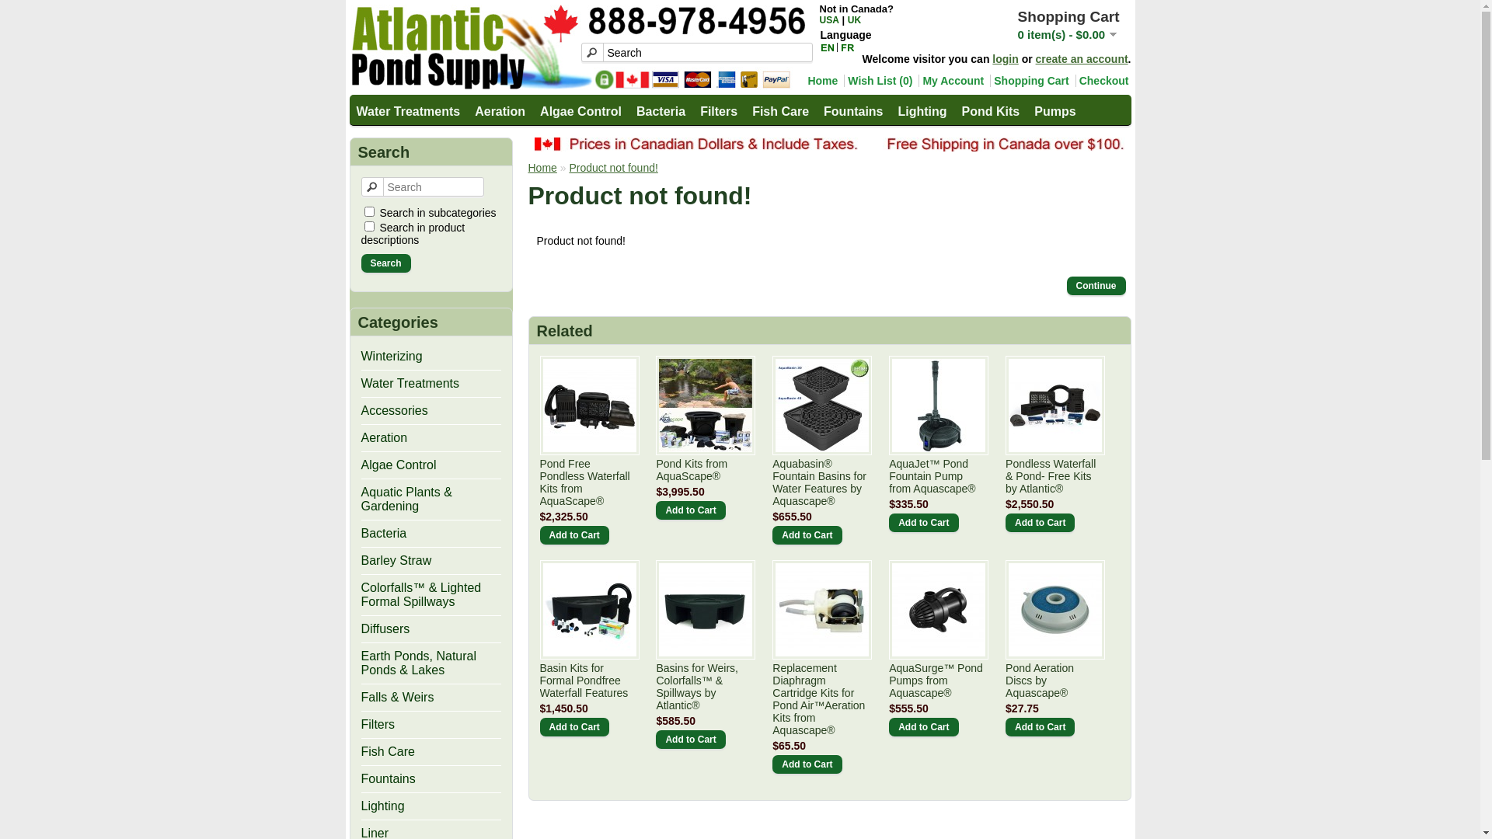 Image resolution: width=1492 pixels, height=839 pixels. I want to click on 'Barley Straw', so click(396, 560).